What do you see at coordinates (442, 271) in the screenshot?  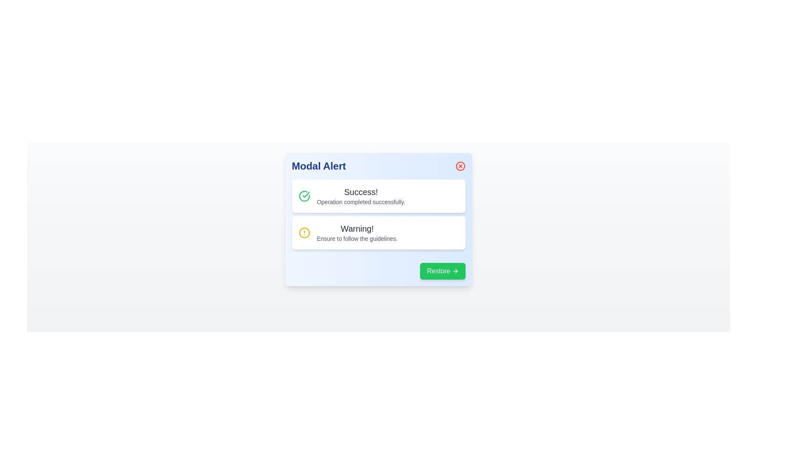 I see `the 'Restore' button located at the bottom-right of the modal dialog box` at bounding box center [442, 271].